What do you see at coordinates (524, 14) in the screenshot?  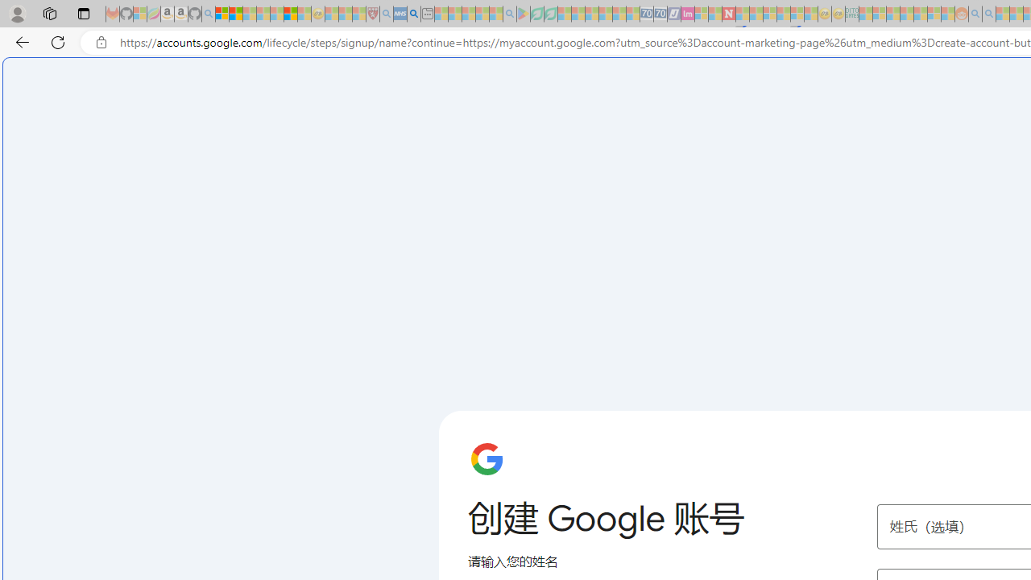 I see `'Bluey: Let'` at bounding box center [524, 14].